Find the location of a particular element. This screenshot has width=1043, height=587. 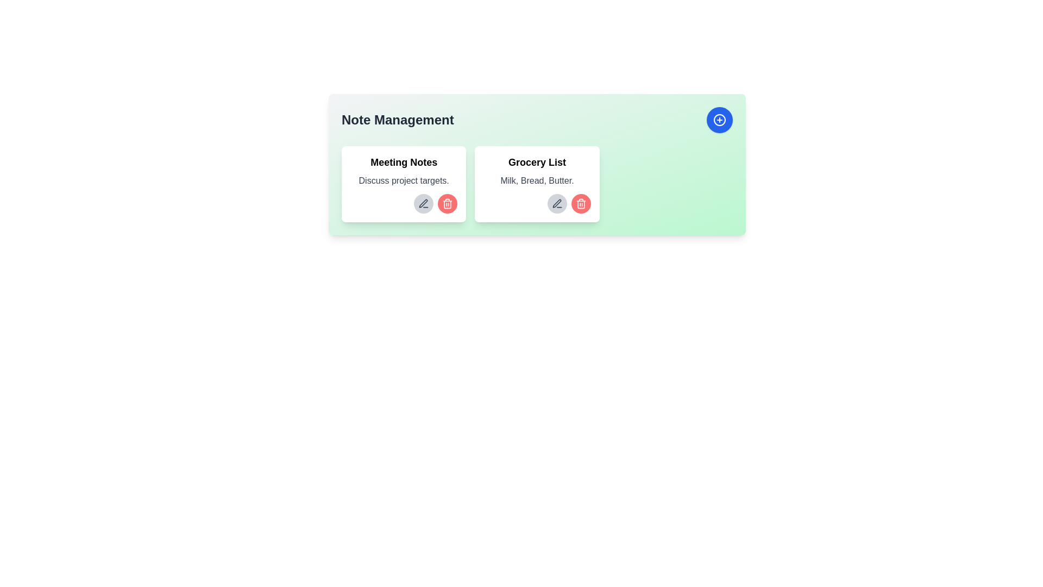

the circular outline icon located in the top-right corner of the green rectangular section containing 'Meeting Notes' and 'Grocery List' is located at coordinates (719, 120).